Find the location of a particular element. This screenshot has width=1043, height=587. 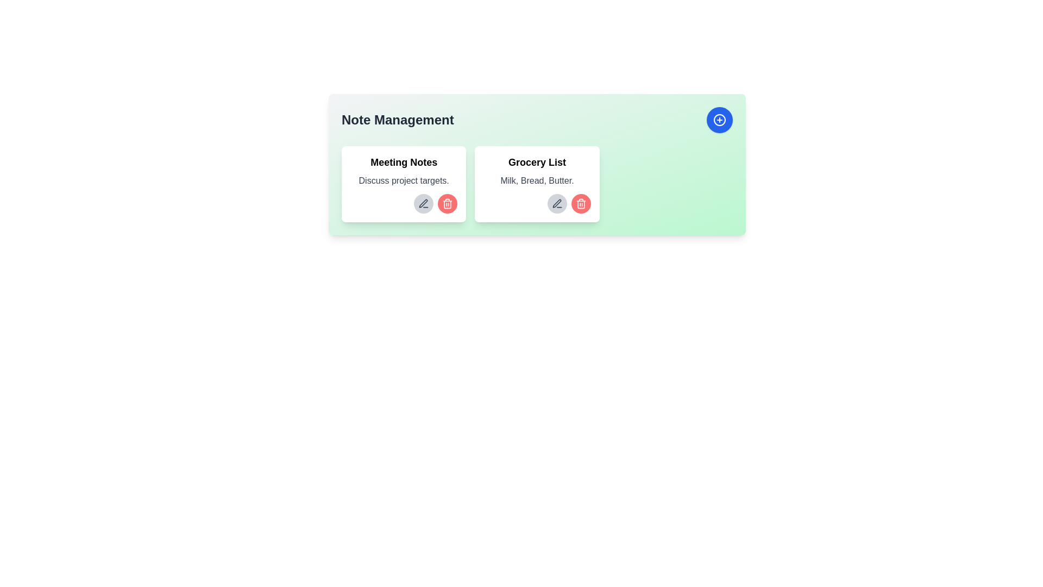

the circular outline icon located in the top-right corner of the green rectangular section containing 'Meeting Notes' and 'Grocery List' is located at coordinates (719, 120).